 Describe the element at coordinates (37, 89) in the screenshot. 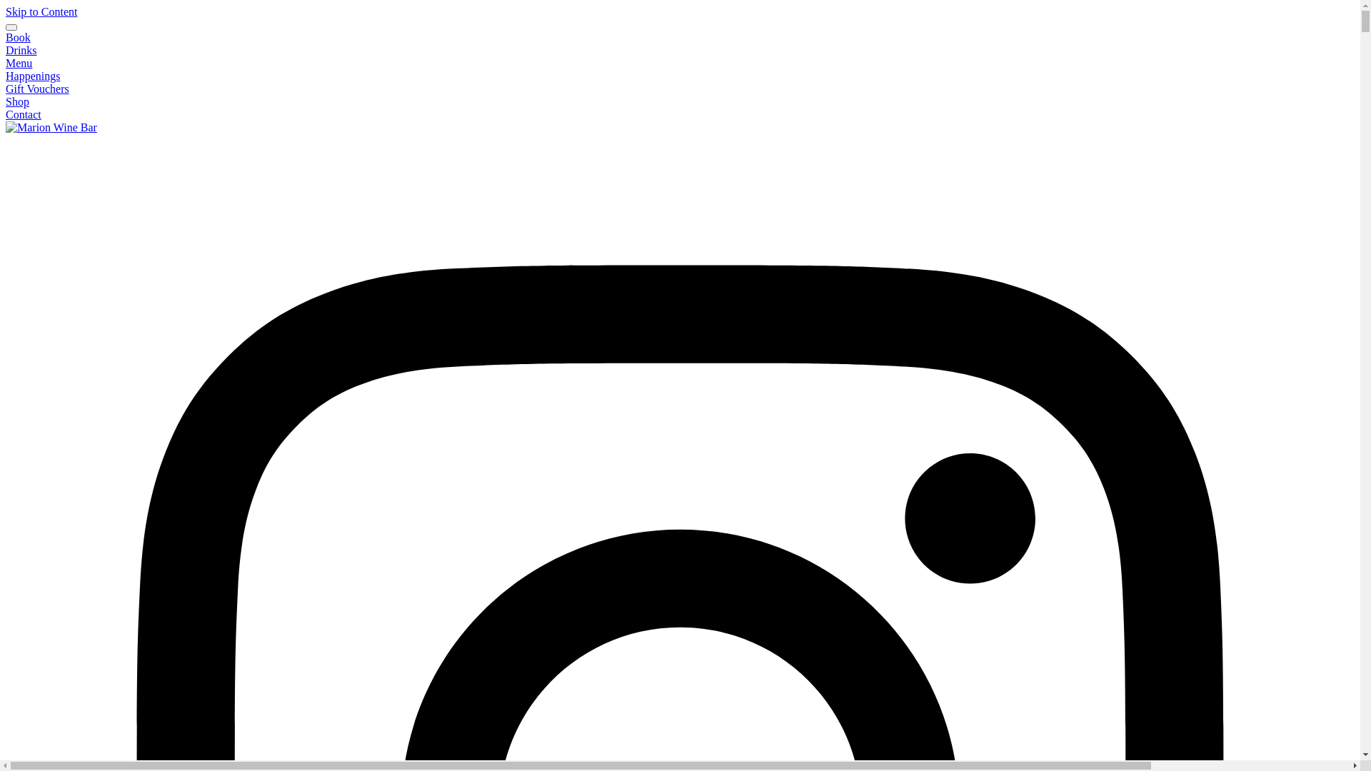

I see `'Gift Vouchers'` at that location.